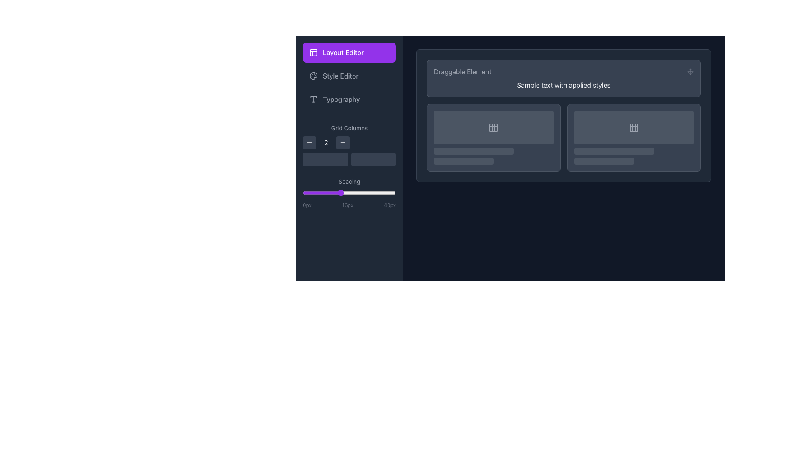 The height and width of the screenshot is (451, 801). What do you see at coordinates (365, 193) in the screenshot?
I see `spacing` at bounding box center [365, 193].